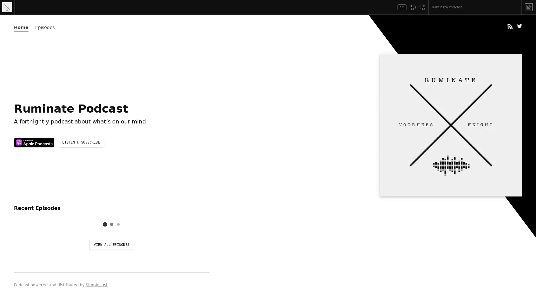 Image resolution: width=536 pixels, height=301 pixels. What do you see at coordinates (402, 7) in the screenshot?
I see `Toggle Speed: Current Speed 1x` at bounding box center [402, 7].